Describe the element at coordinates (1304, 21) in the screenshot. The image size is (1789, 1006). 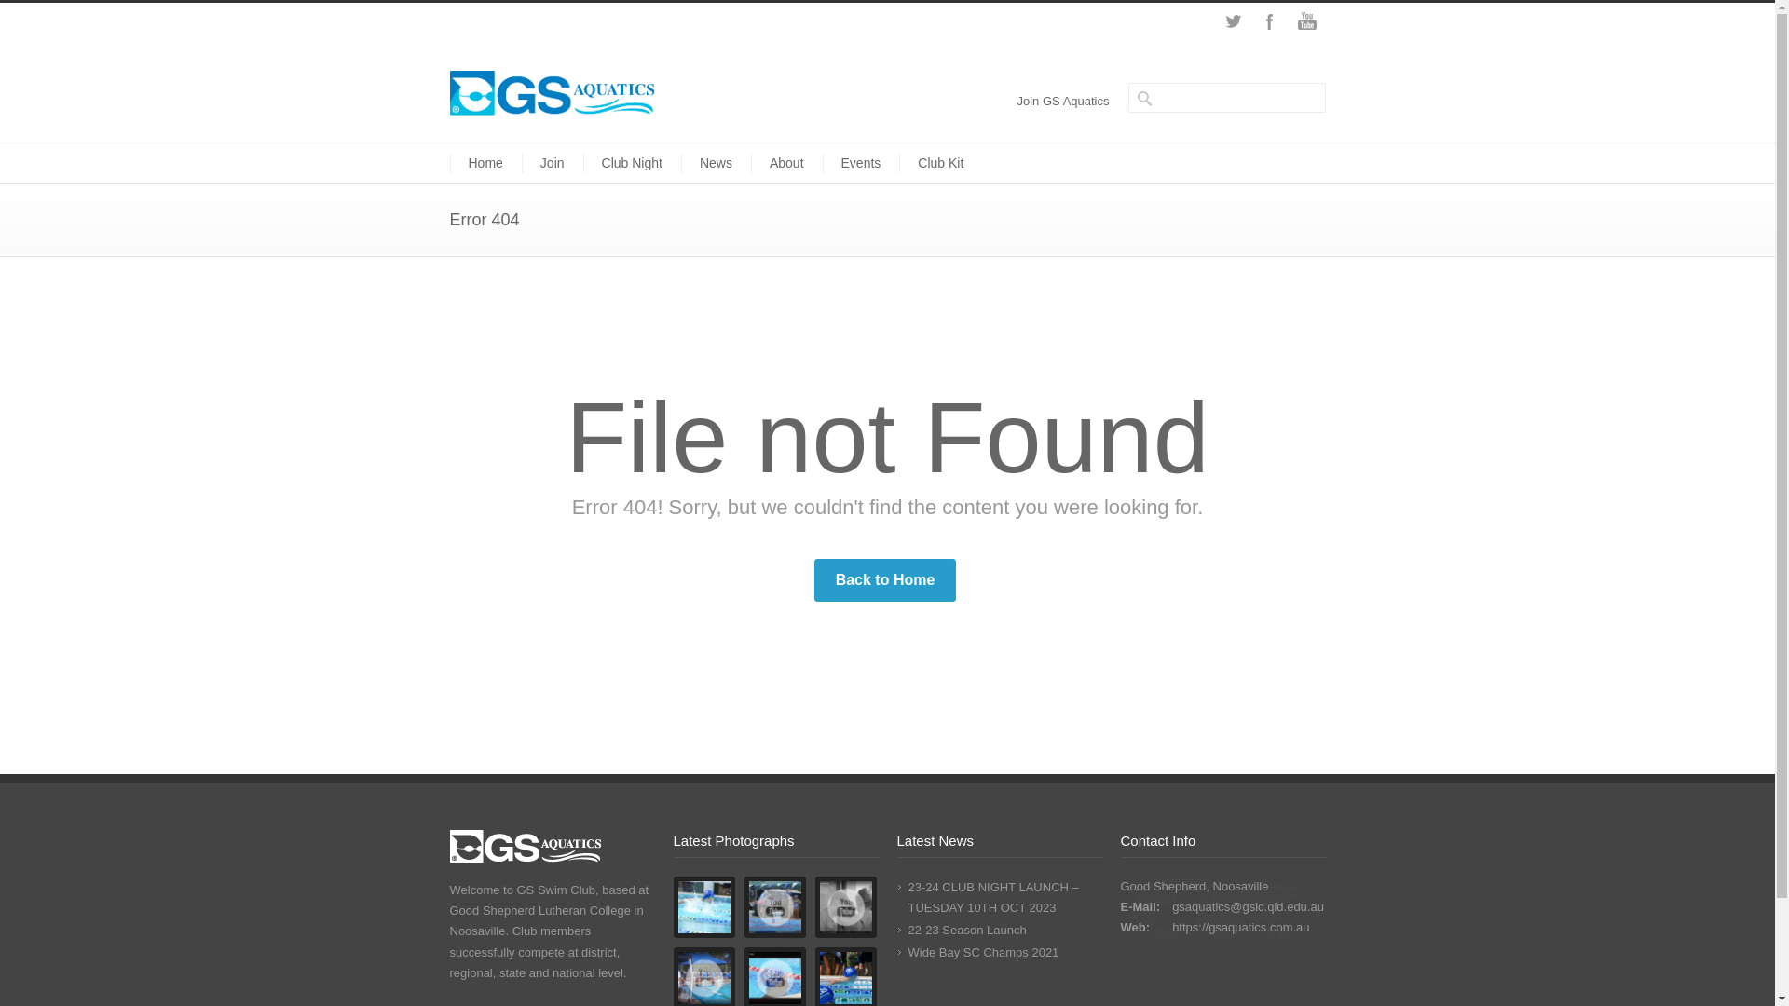
I see `'YouTube'` at that location.